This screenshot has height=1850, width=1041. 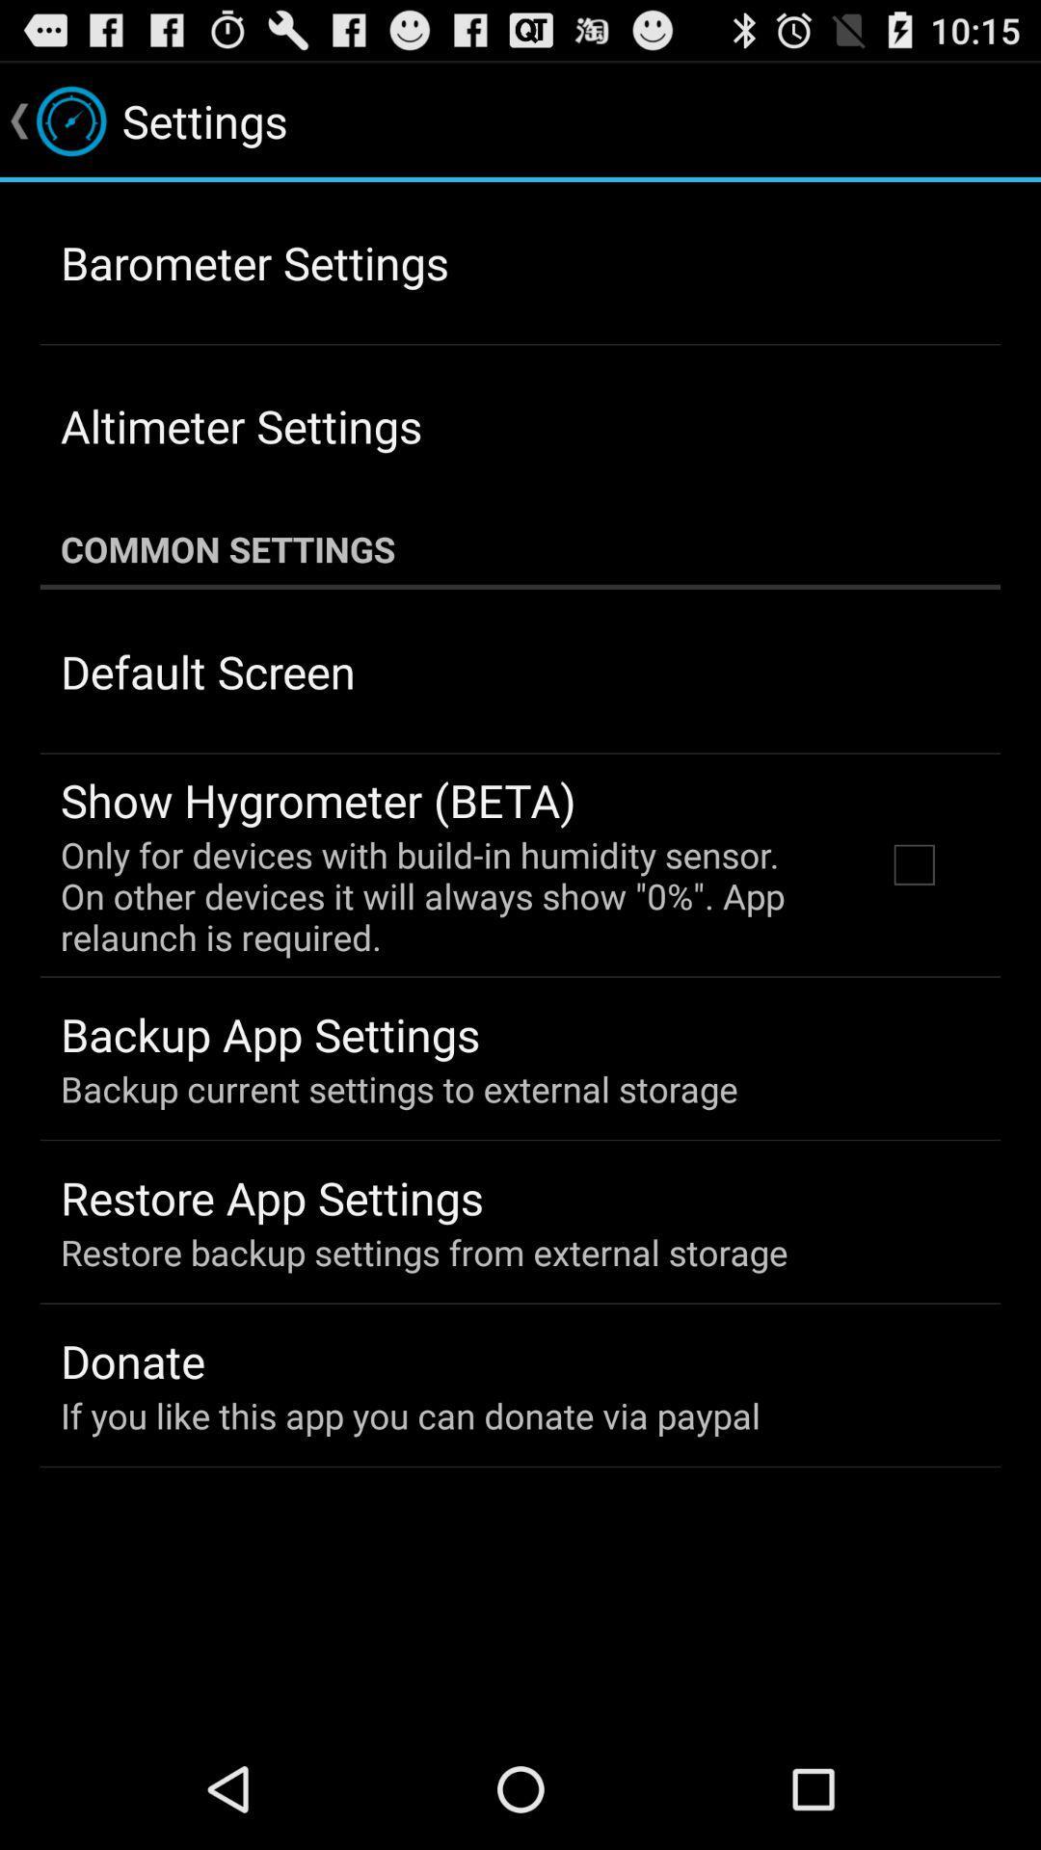 I want to click on app above the common settings item, so click(x=240, y=425).